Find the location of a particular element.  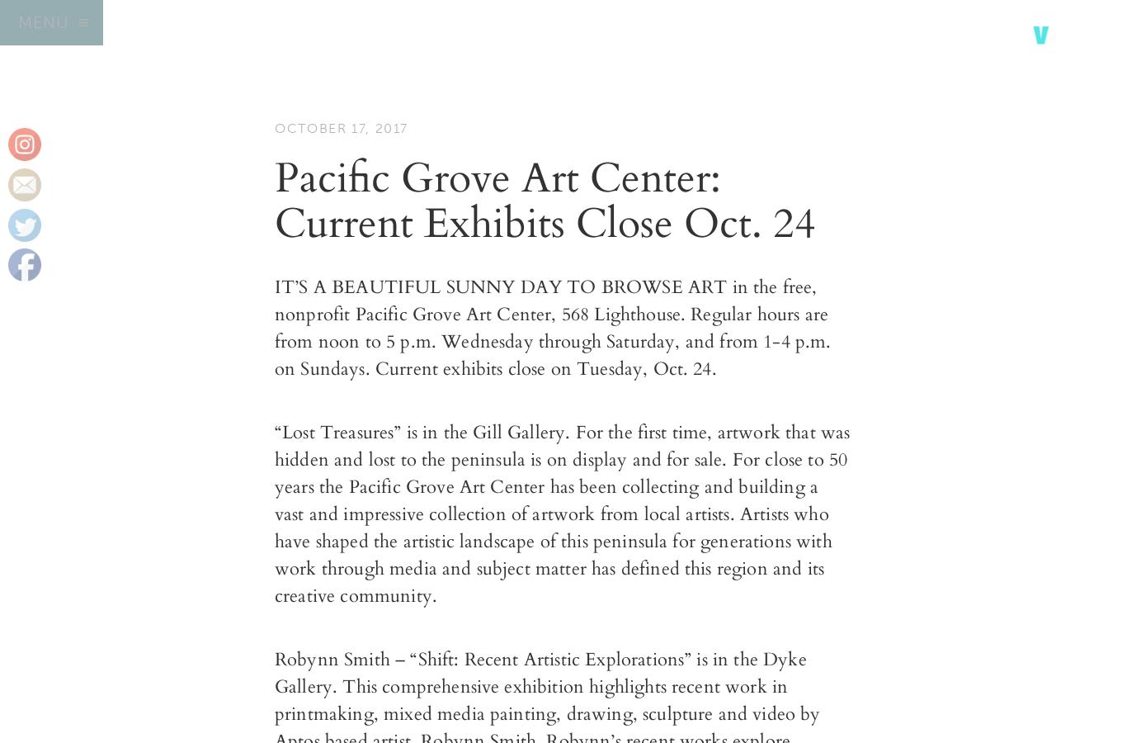

'noon to 5 p.m.' is located at coordinates (377, 342).